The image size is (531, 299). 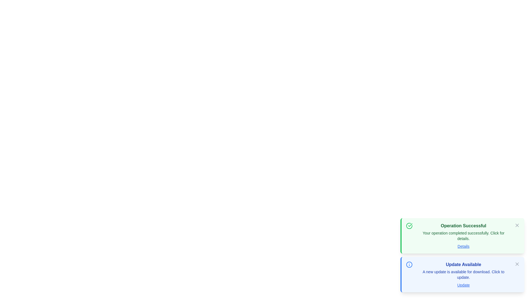 I want to click on the SVG Circle icon that indicates 'Update Available' in the header of the notification card located below the 'Operation Successful' card, so click(x=409, y=264).